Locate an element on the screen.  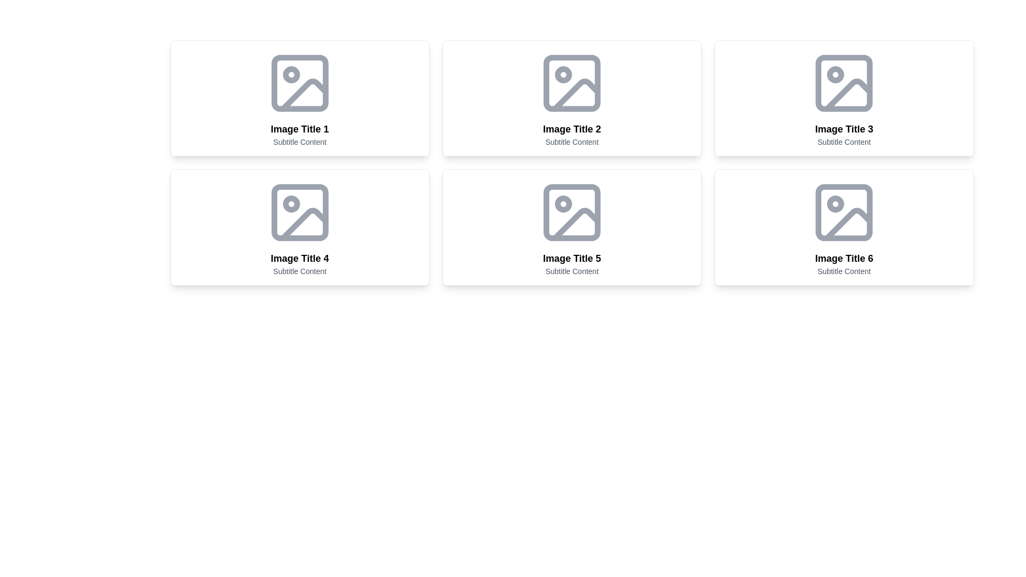
the text label displaying 'Subtitle Content' in gray color, located under the 'Image Title 4' heading in the fourth card of the grid is located at coordinates (299, 271).